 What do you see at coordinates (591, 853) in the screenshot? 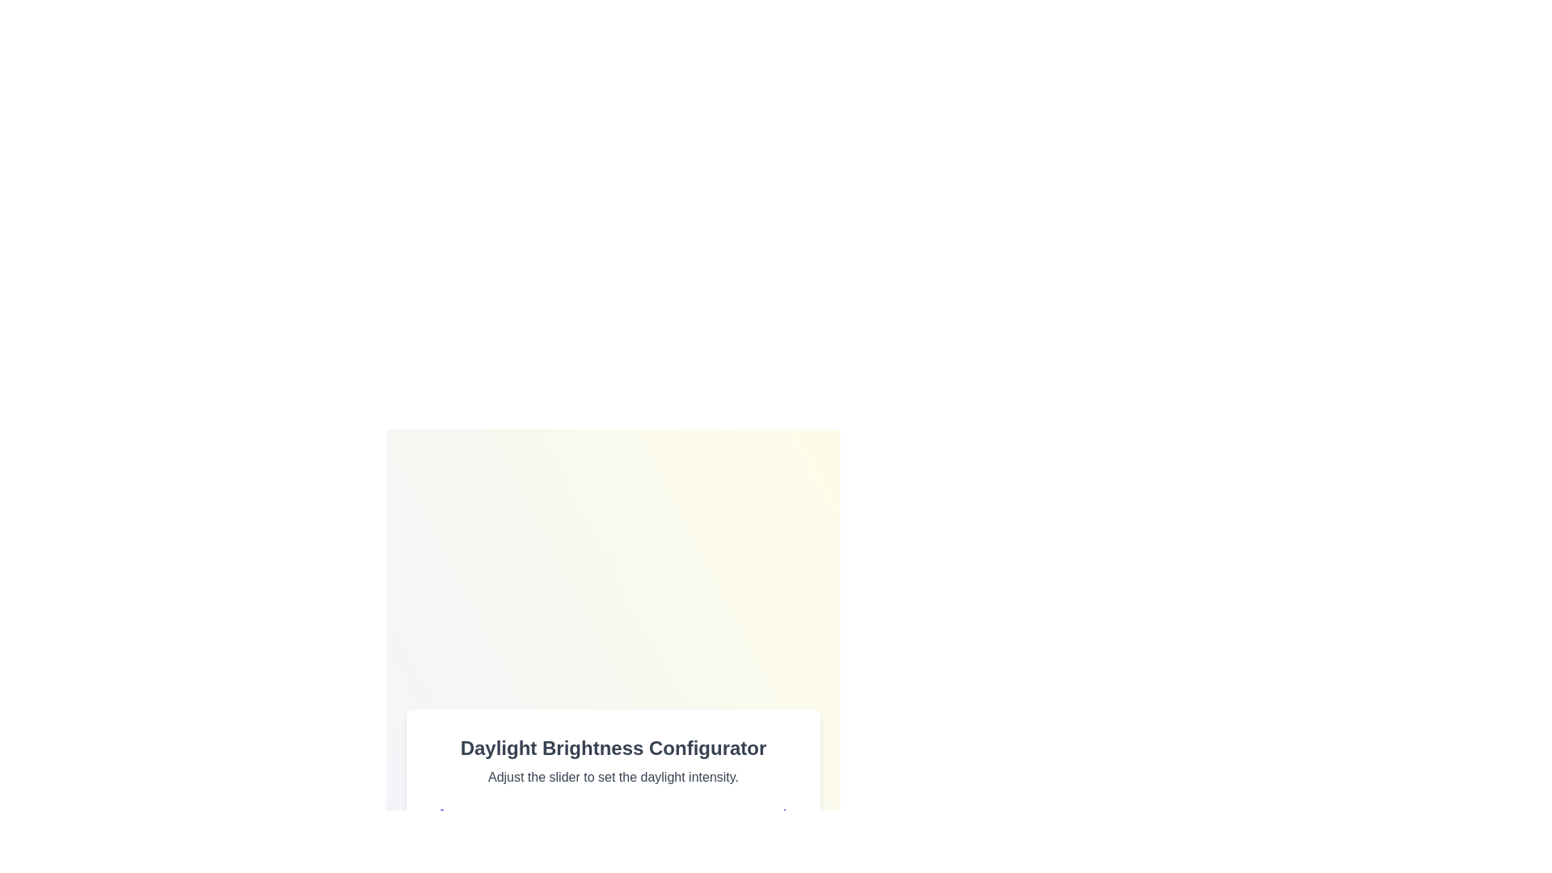
I see `the brightness slider to set the daylight intensity to 44%` at bounding box center [591, 853].